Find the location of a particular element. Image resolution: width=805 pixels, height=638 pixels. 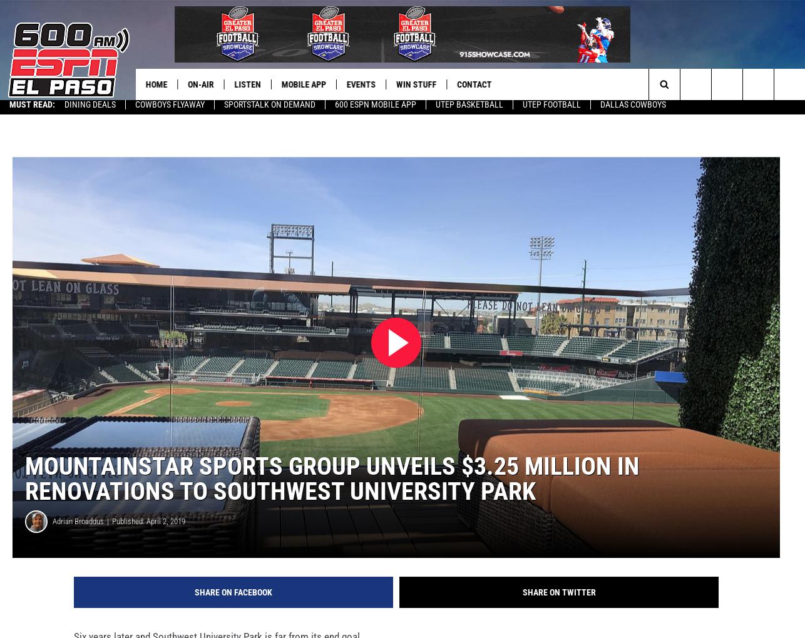

'Contact' is located at coordinates (479, 84).